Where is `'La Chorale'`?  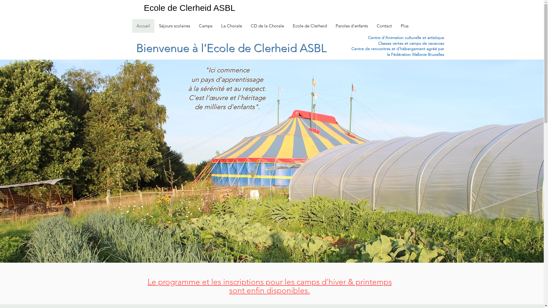
'La Chorale' is located at coordinates (231, 26).